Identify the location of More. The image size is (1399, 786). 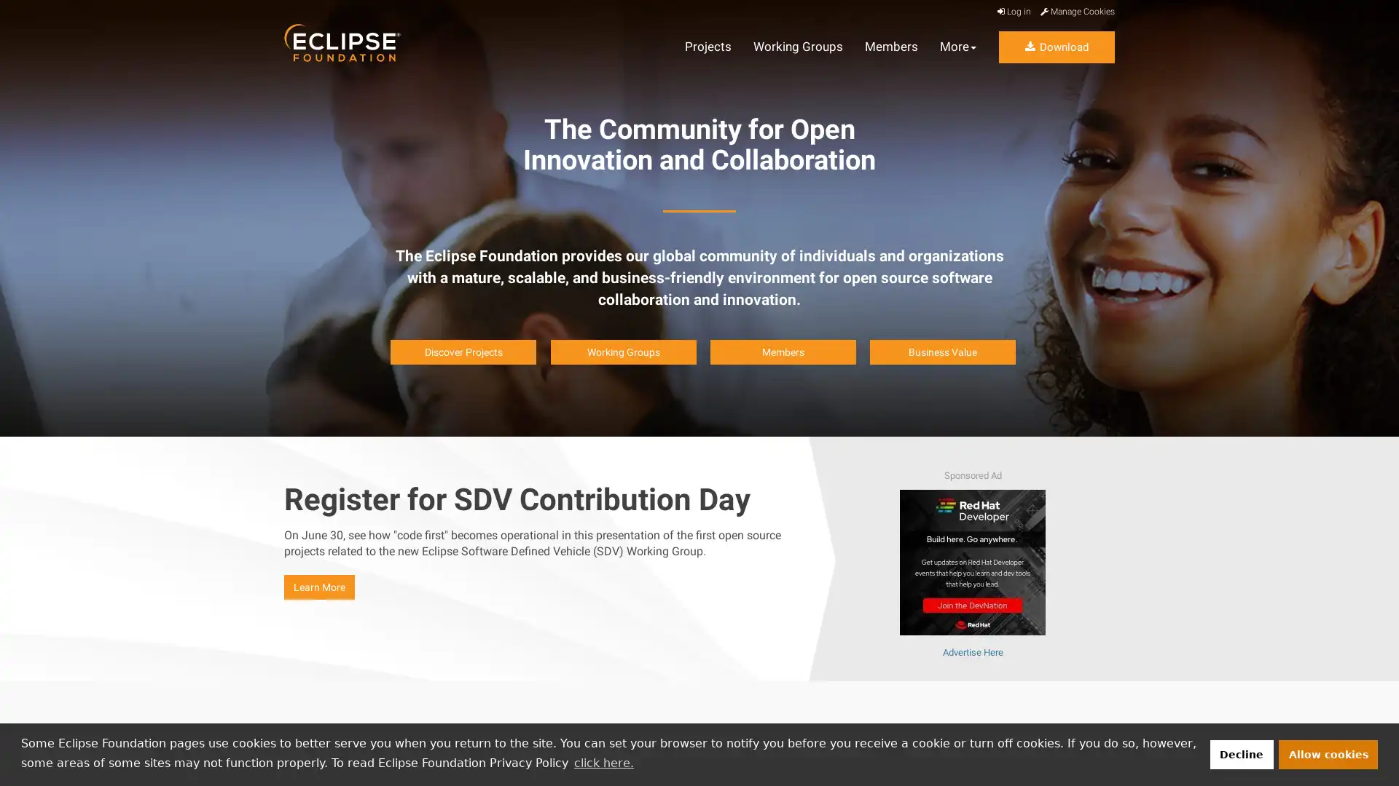
(958, 47).